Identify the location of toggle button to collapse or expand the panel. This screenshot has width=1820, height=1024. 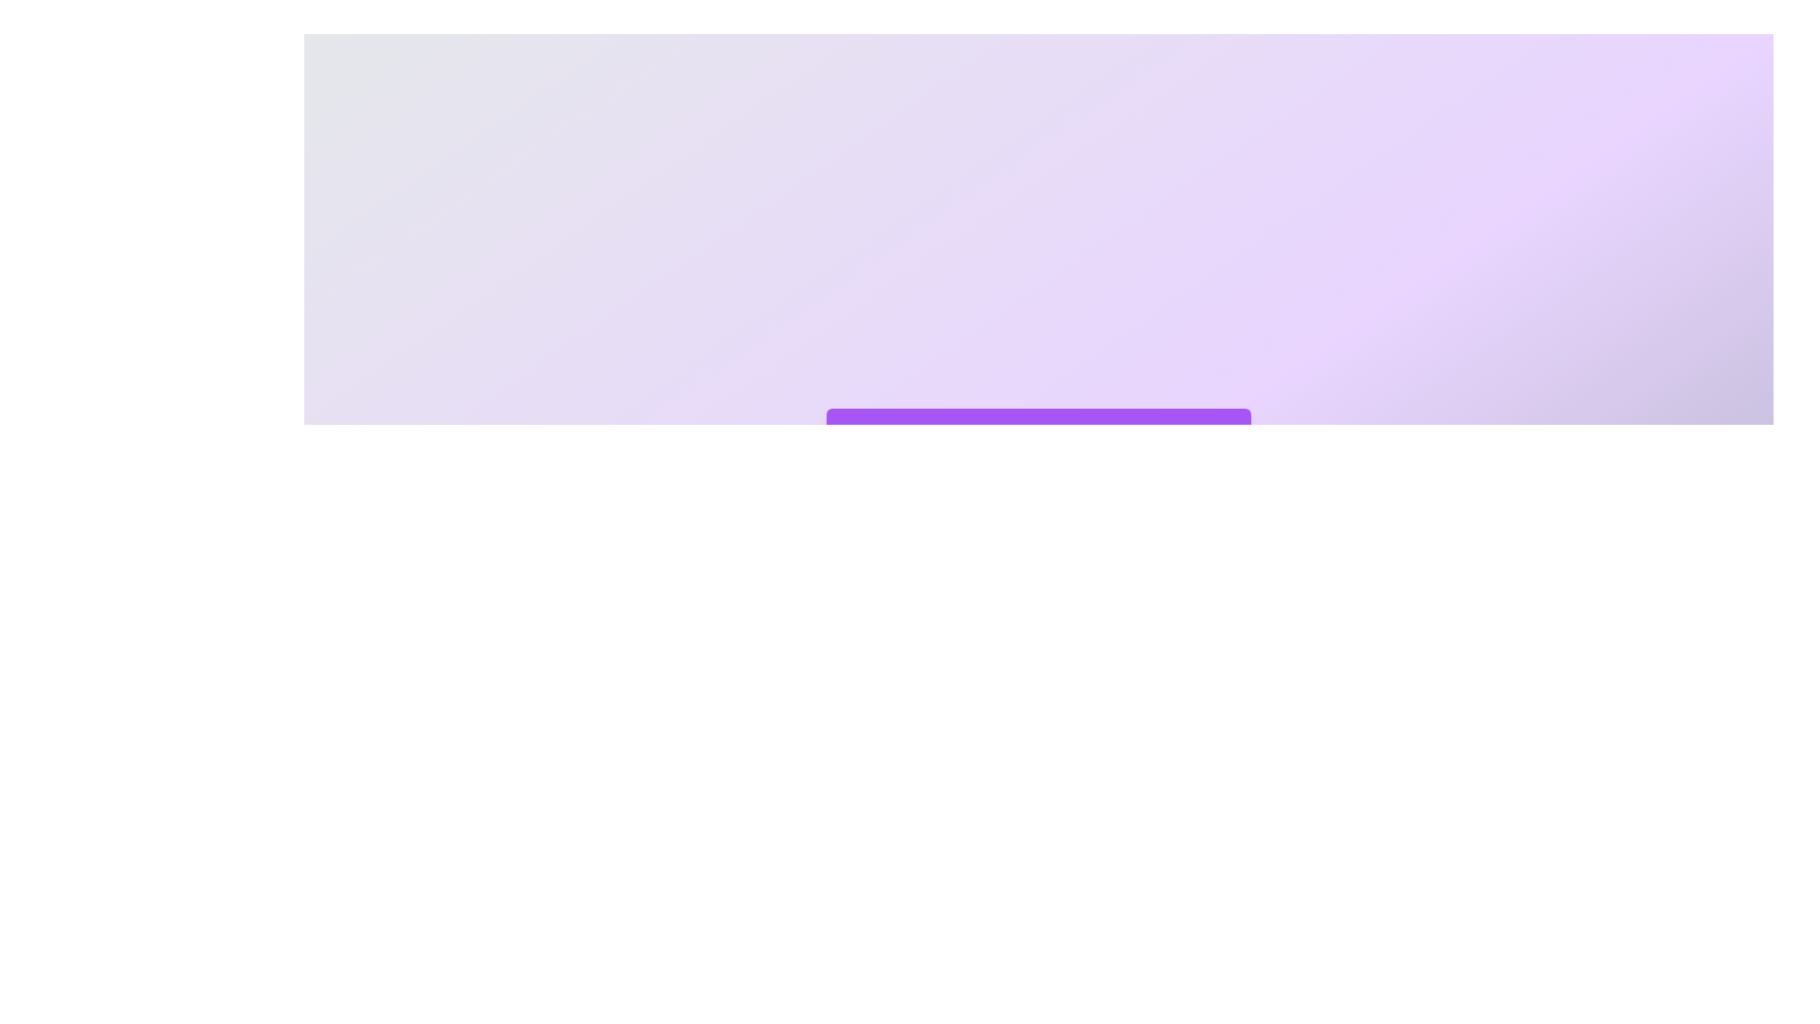
(1224, 437).